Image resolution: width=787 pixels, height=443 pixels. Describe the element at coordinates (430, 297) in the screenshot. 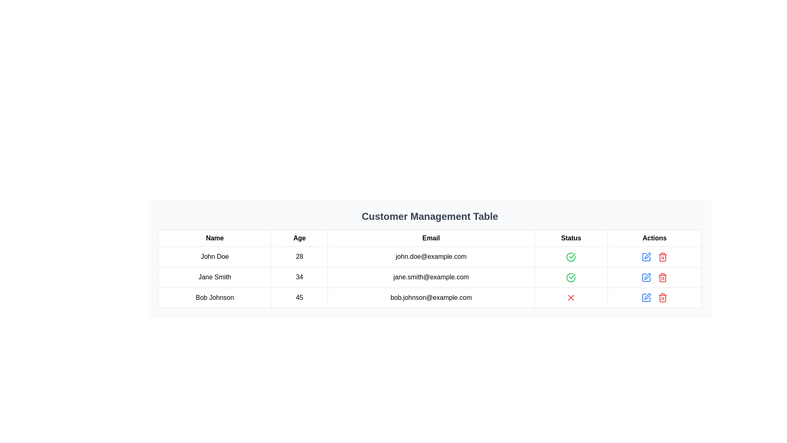

I see `the email address in the third customer record row to copy or interact with it` at that location.